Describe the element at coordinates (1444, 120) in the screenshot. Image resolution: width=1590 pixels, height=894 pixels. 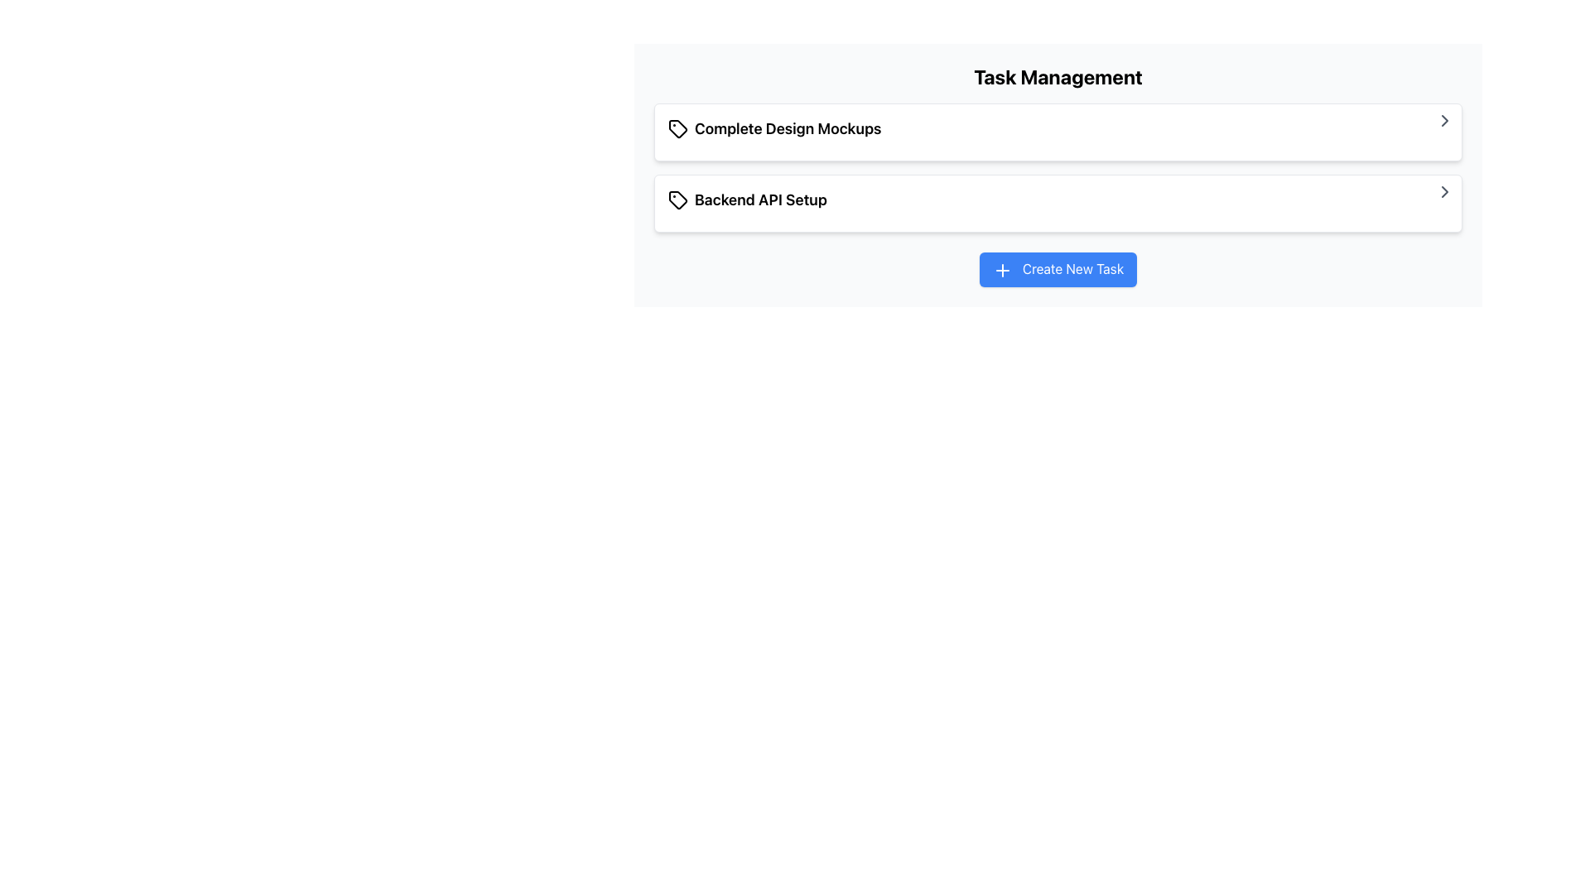
I see `the right-oriented chevron arrow icon located in the top-right corner of the 'Complete Design Mockups' component` at that location.